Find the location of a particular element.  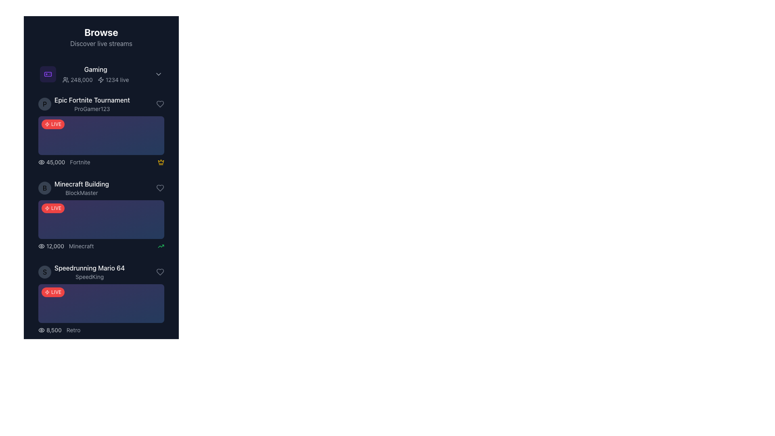

the informative label that displays the number of viewers ('12,000') watching content related to the game 'Minecraft', positioned below 'Minecraft Building' is located at coordinates (66, 245).